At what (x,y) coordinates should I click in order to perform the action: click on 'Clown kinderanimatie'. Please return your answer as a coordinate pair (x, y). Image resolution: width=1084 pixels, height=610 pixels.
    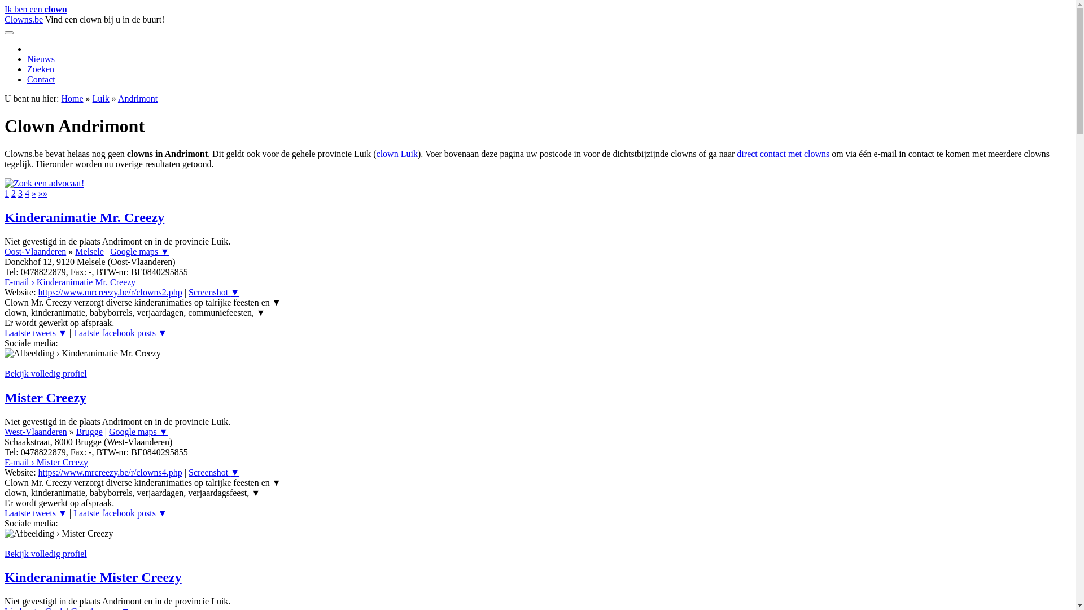
    Looking at the image, I should click on (44, 182).